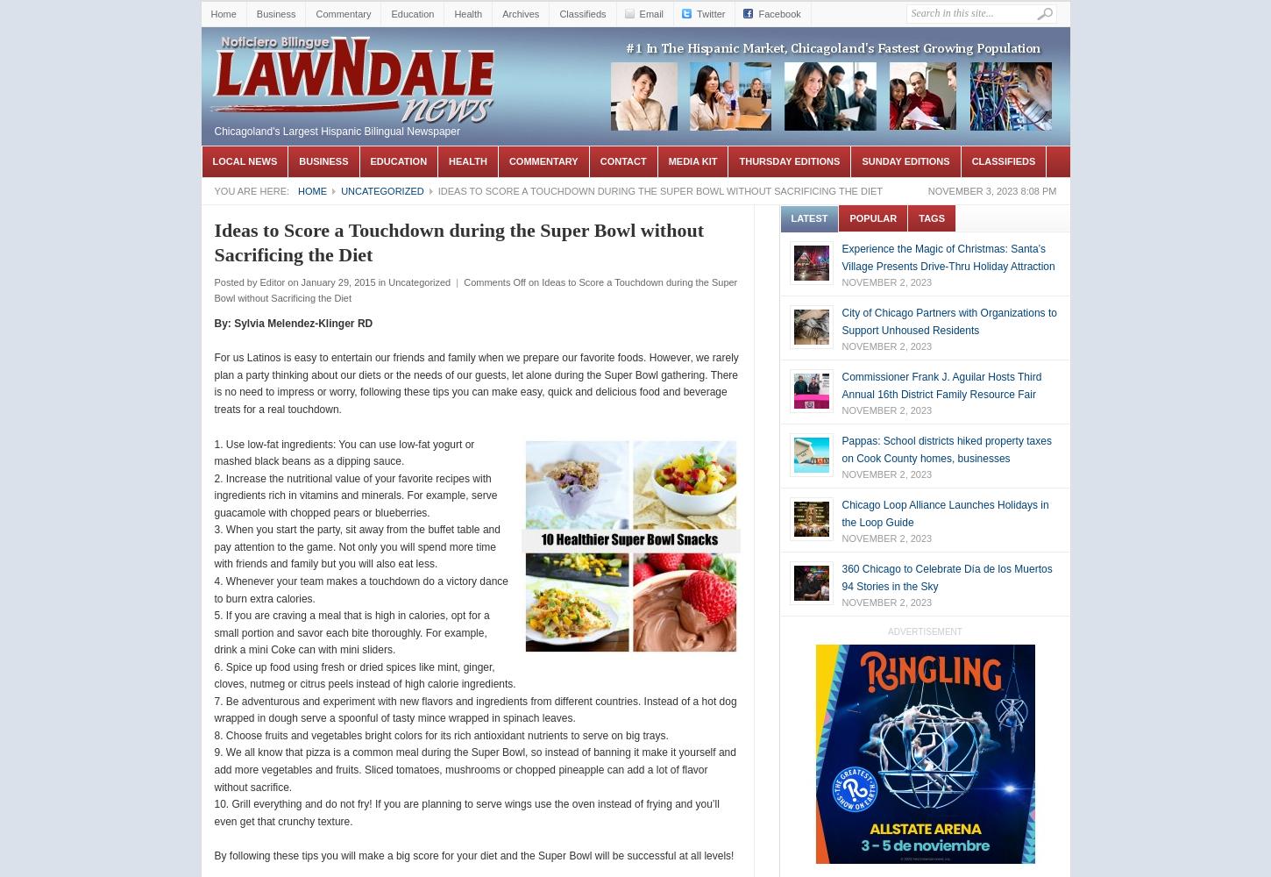  Describe the element at coordinates (473, 855) in the screenshot. I see `'By following these tips you will make a big score for your diet and the Super Bowl will be successful at all levels!'` at that location.